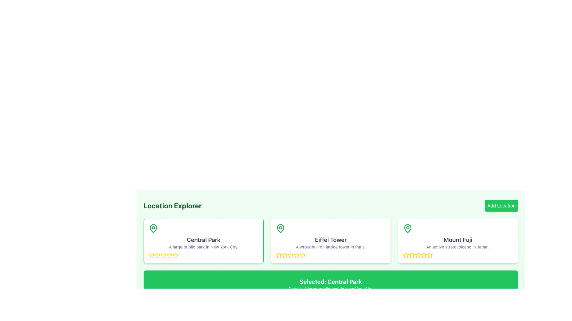 This screenshot has height=321, width=572. What do you see at coordinates (297, 255) in the screenshot?
I see `the outlined star icon, which is the sixth star in a rating system for the 'Eiffel Tower' title, featuring a yellow border and transparent interior` at bounding box center [297, 255].